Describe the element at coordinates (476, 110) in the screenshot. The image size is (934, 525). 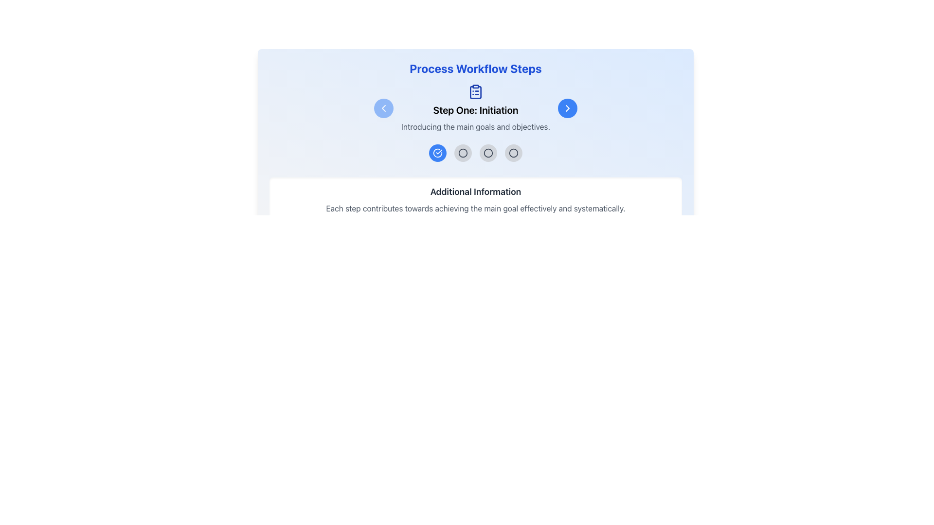
I see `the text element displaying 'Step One: Initiation', which is styled as 'text-xl font-semibold' and serves as the primary heading for Step One in the workflow` at that location.